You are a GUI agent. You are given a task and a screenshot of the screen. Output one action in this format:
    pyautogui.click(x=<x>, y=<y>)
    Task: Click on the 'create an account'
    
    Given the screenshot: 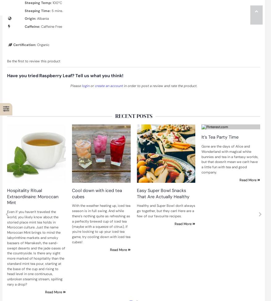 What is the action you would take?
    pyautogui.click(x=94, y=86)
    